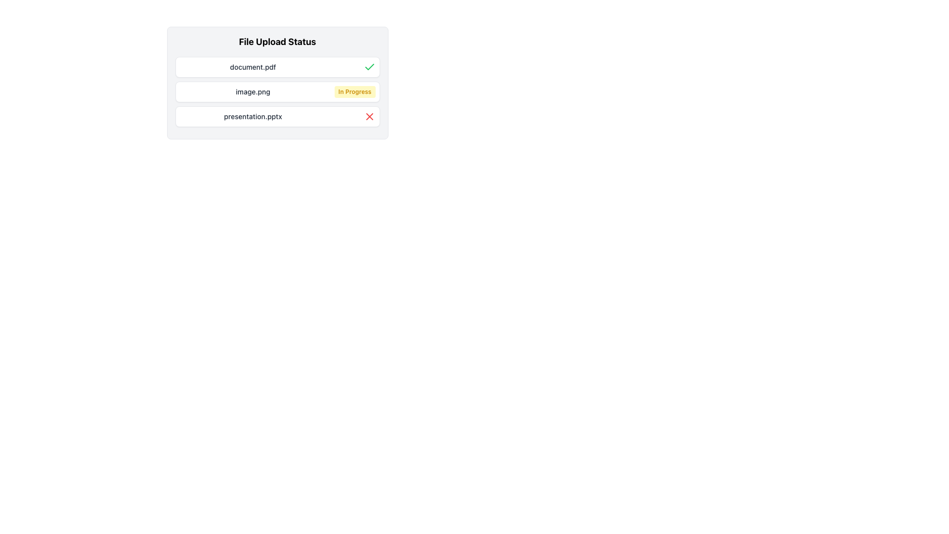 Image resolution: width=949 pixels, height=534 pixels. What do you see at coordinates (369, 116) in the screenshot?
I see `the red 'X' icon button located at the far right of the row displaying 'presentation.pptx'` at bounding box center [369, 116].